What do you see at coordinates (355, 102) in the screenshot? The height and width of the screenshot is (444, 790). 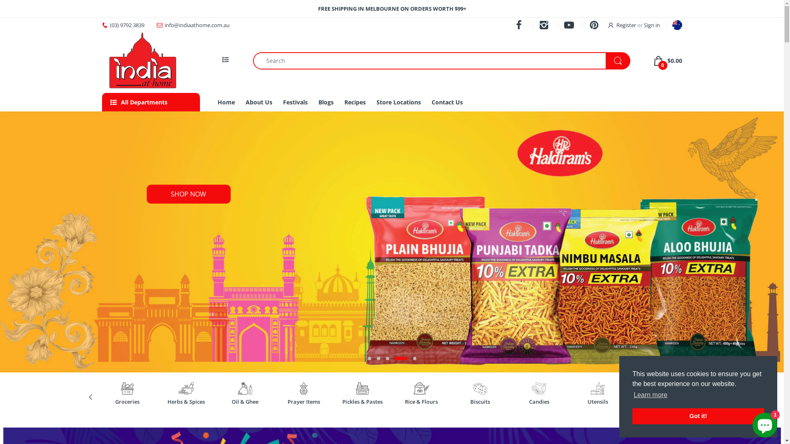 I see `'Recipes'` at bounding box center [355, 102].